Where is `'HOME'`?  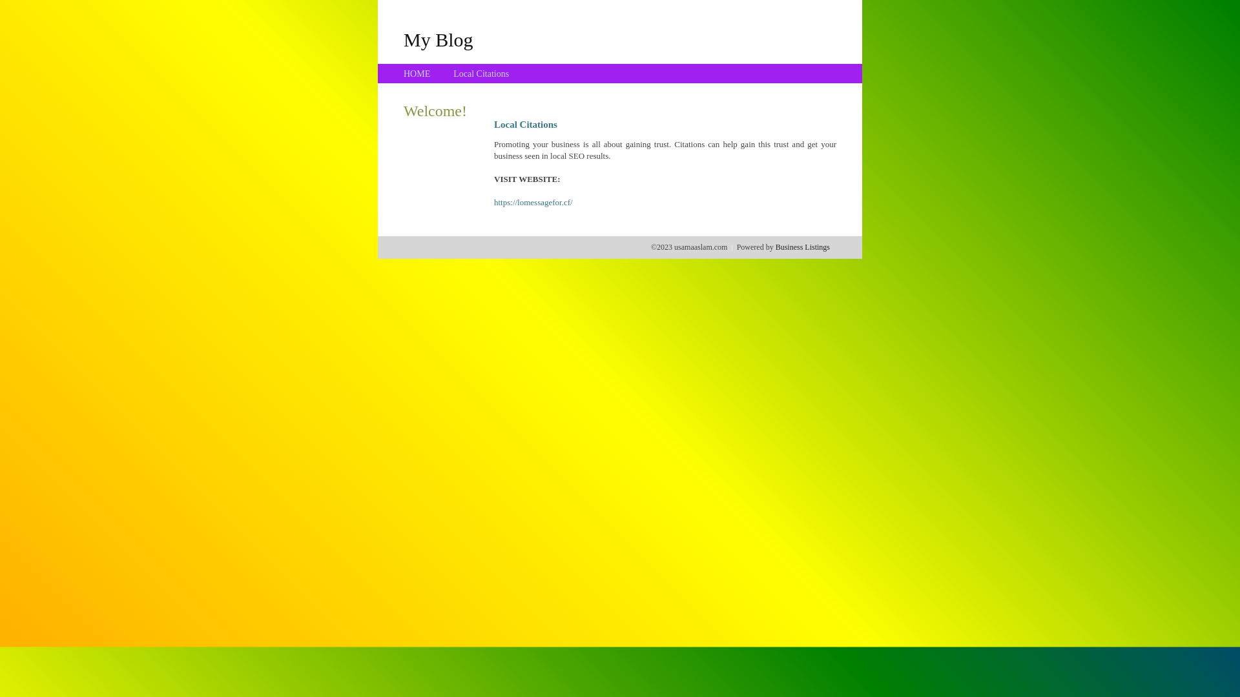
'HOME' is located at coordinates (417, 74).